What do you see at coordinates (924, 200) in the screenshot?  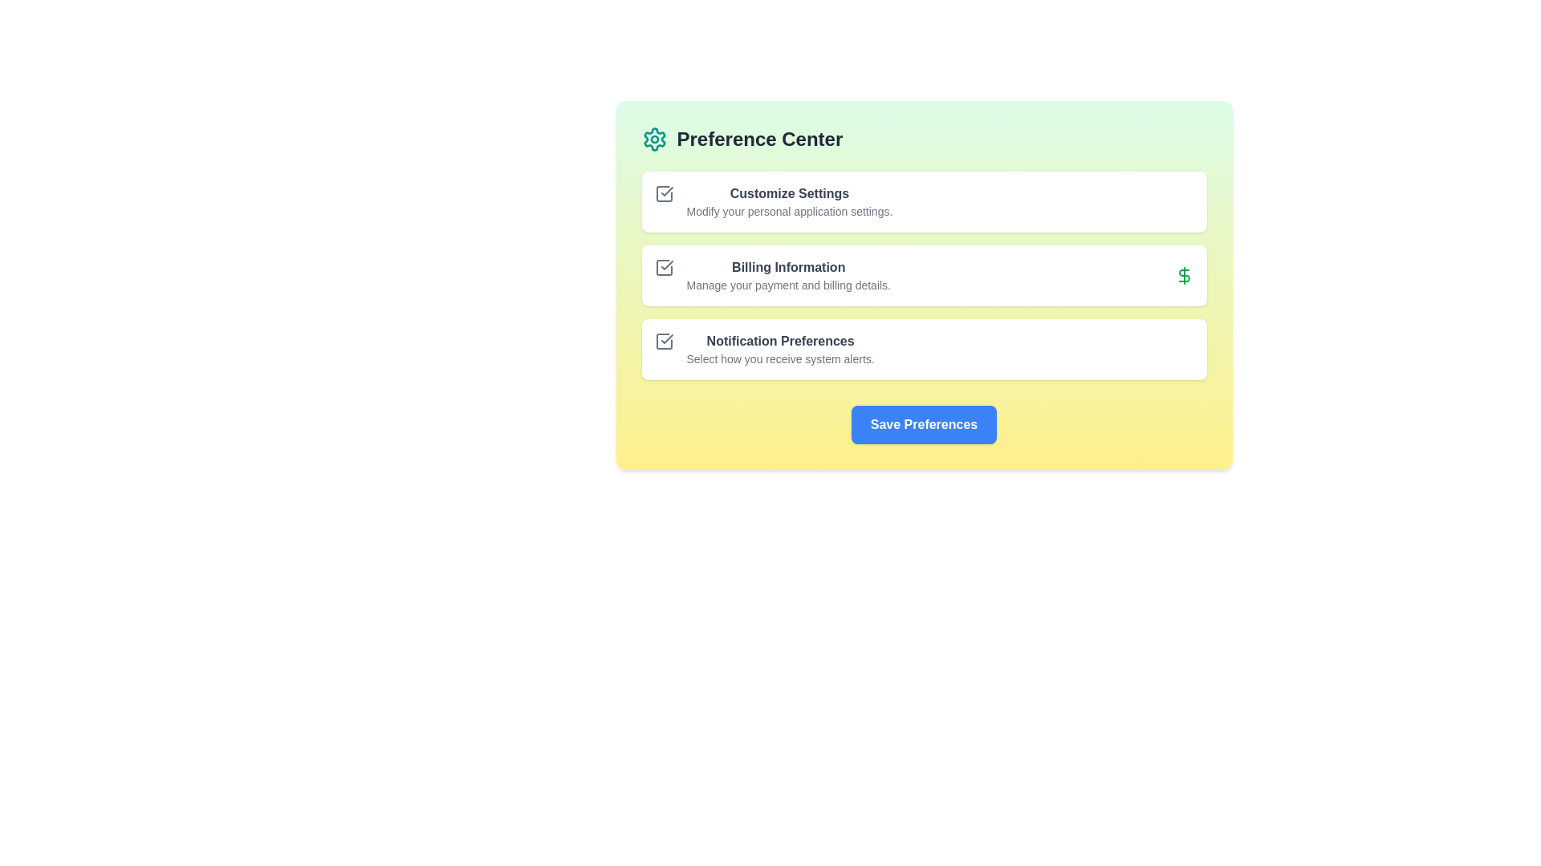 I see `the Card-like option item in the 'Preference Center' section, which provides a summary for customizing personal application settings` at bounding box center [924, 200].